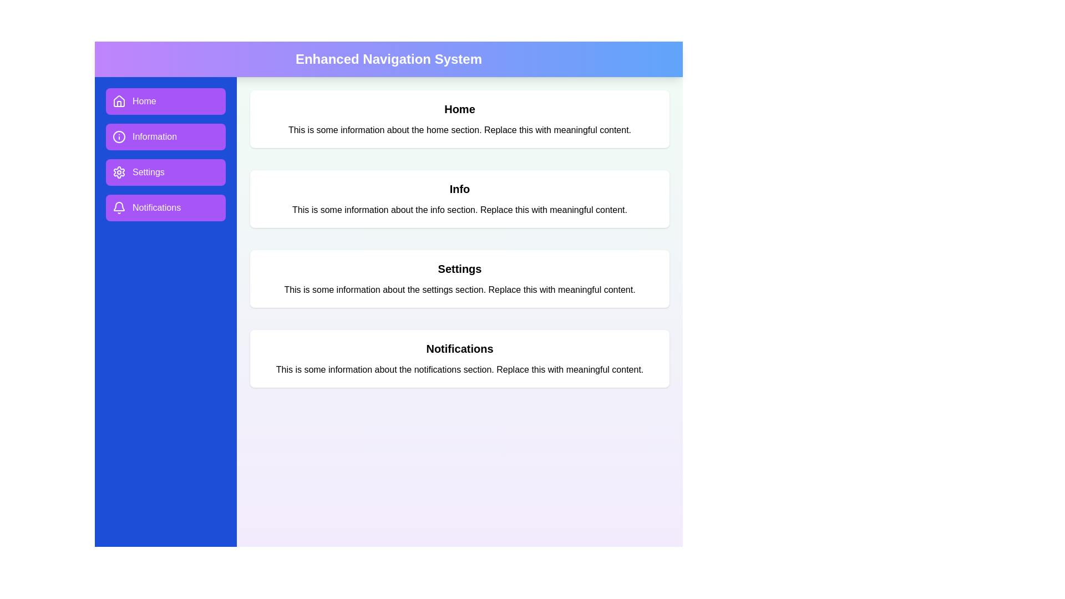 This screenshot has height=599, width=1065. Describe the element at coordinates (460, 290) in the screenshot. I see `the descriptive Text element located directly below the 'Settings' title in the 'Settings' section of the interface` at that location.